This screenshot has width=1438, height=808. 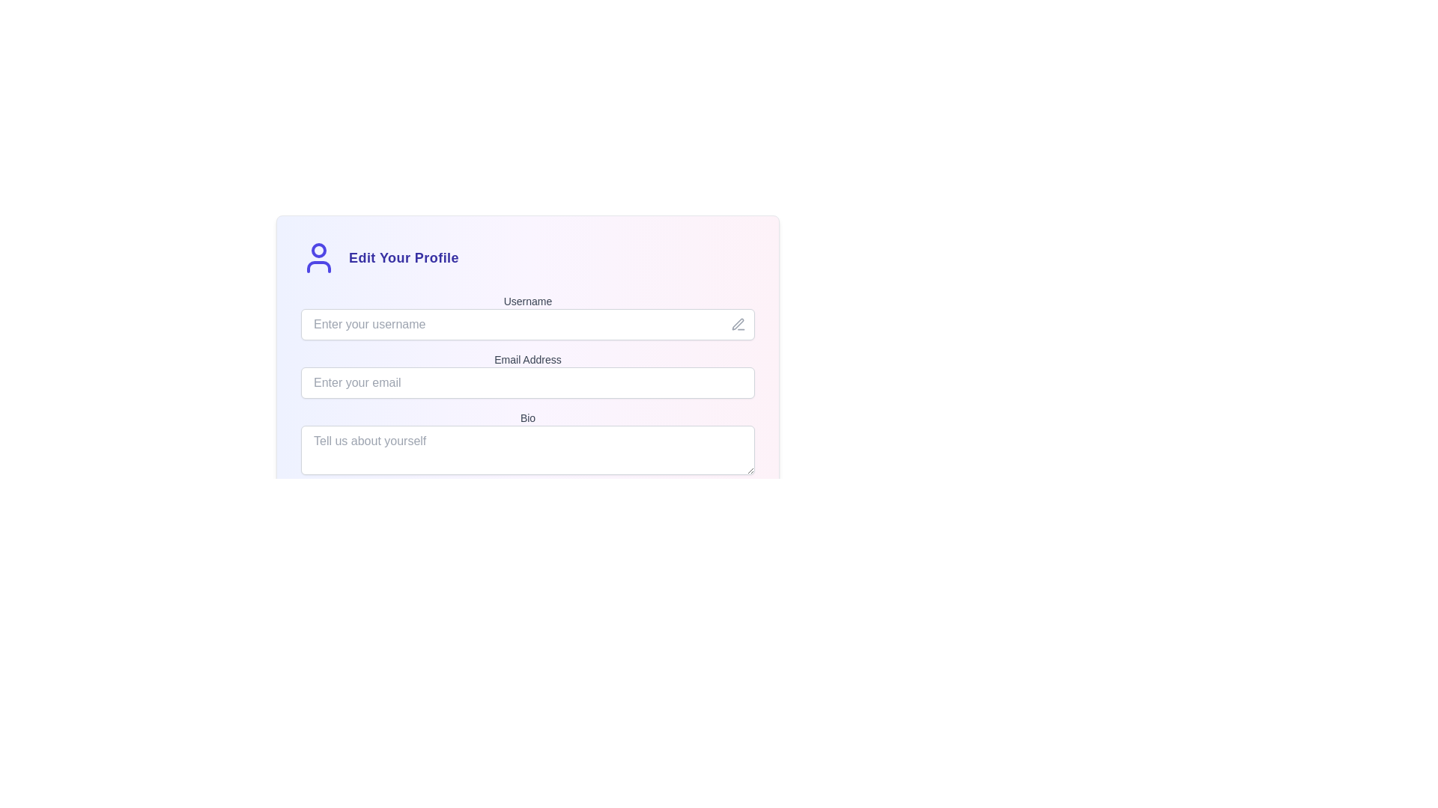 I want to click on the edit icon located on the right side of the 'Enter your username' input field to initiate an edit action, so click(x=738, y=324).